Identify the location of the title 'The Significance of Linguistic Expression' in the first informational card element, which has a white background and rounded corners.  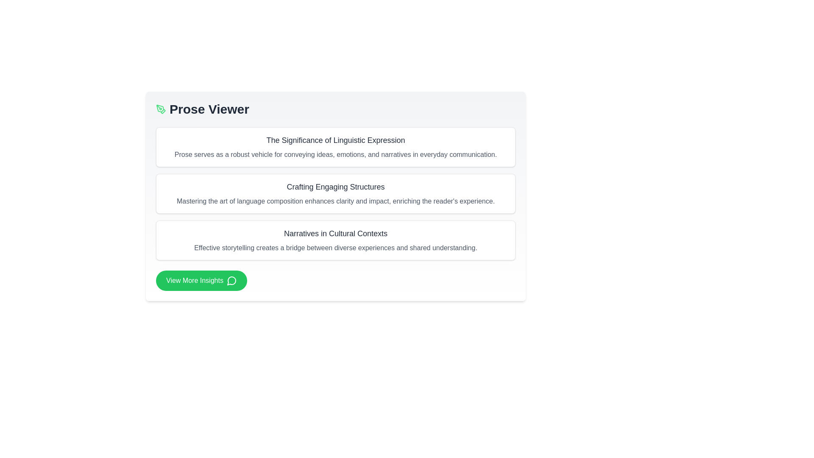
(335, 147).